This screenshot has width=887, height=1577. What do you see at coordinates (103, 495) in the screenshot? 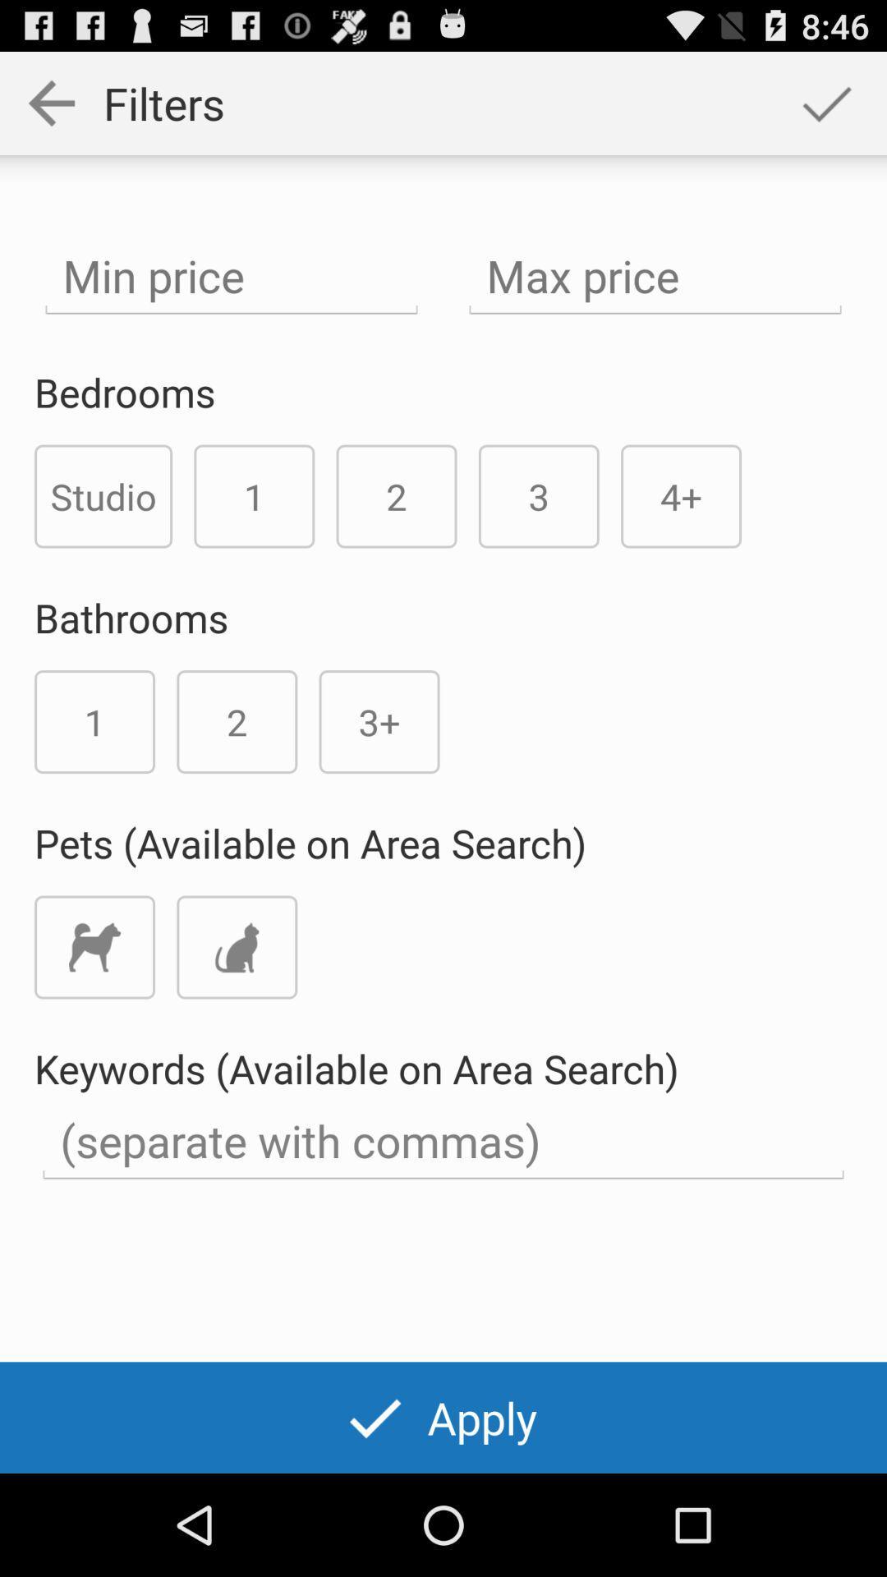
I see `app above the bathrooms icon` at bounding box center [103, 495].